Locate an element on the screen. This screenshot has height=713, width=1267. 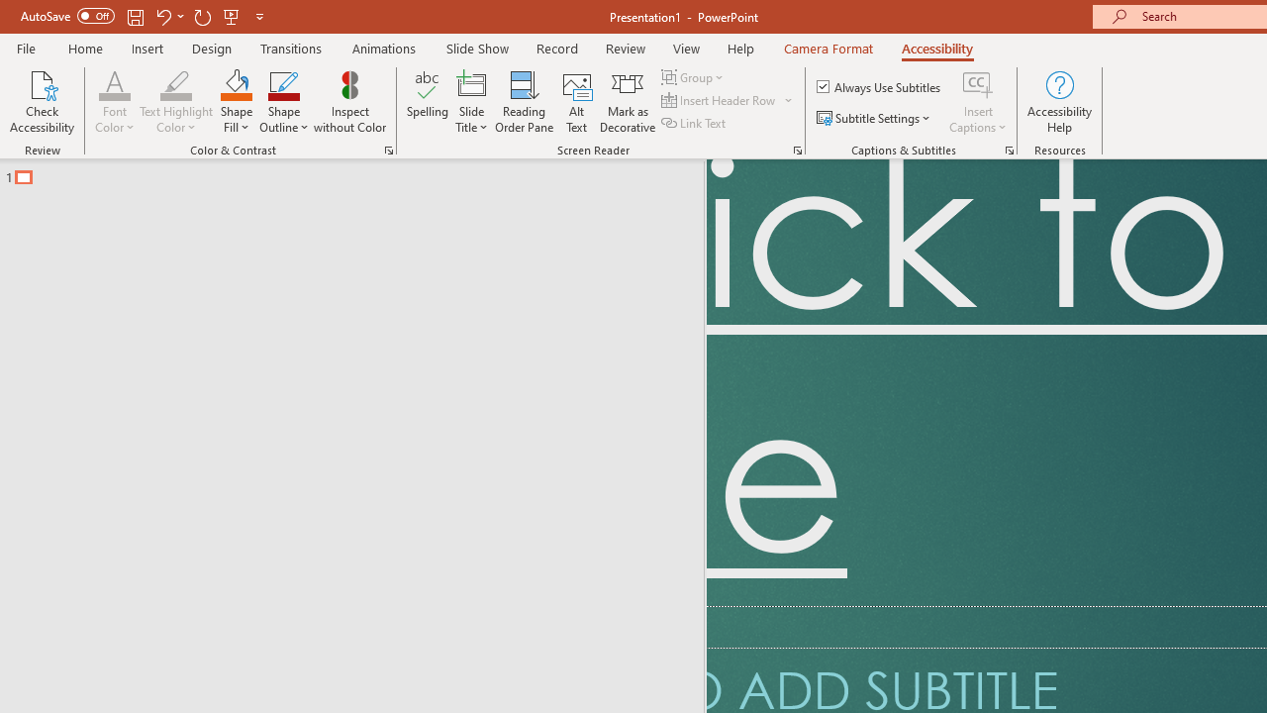
'Accessibility Help' is located at coordinates (1058, 102).